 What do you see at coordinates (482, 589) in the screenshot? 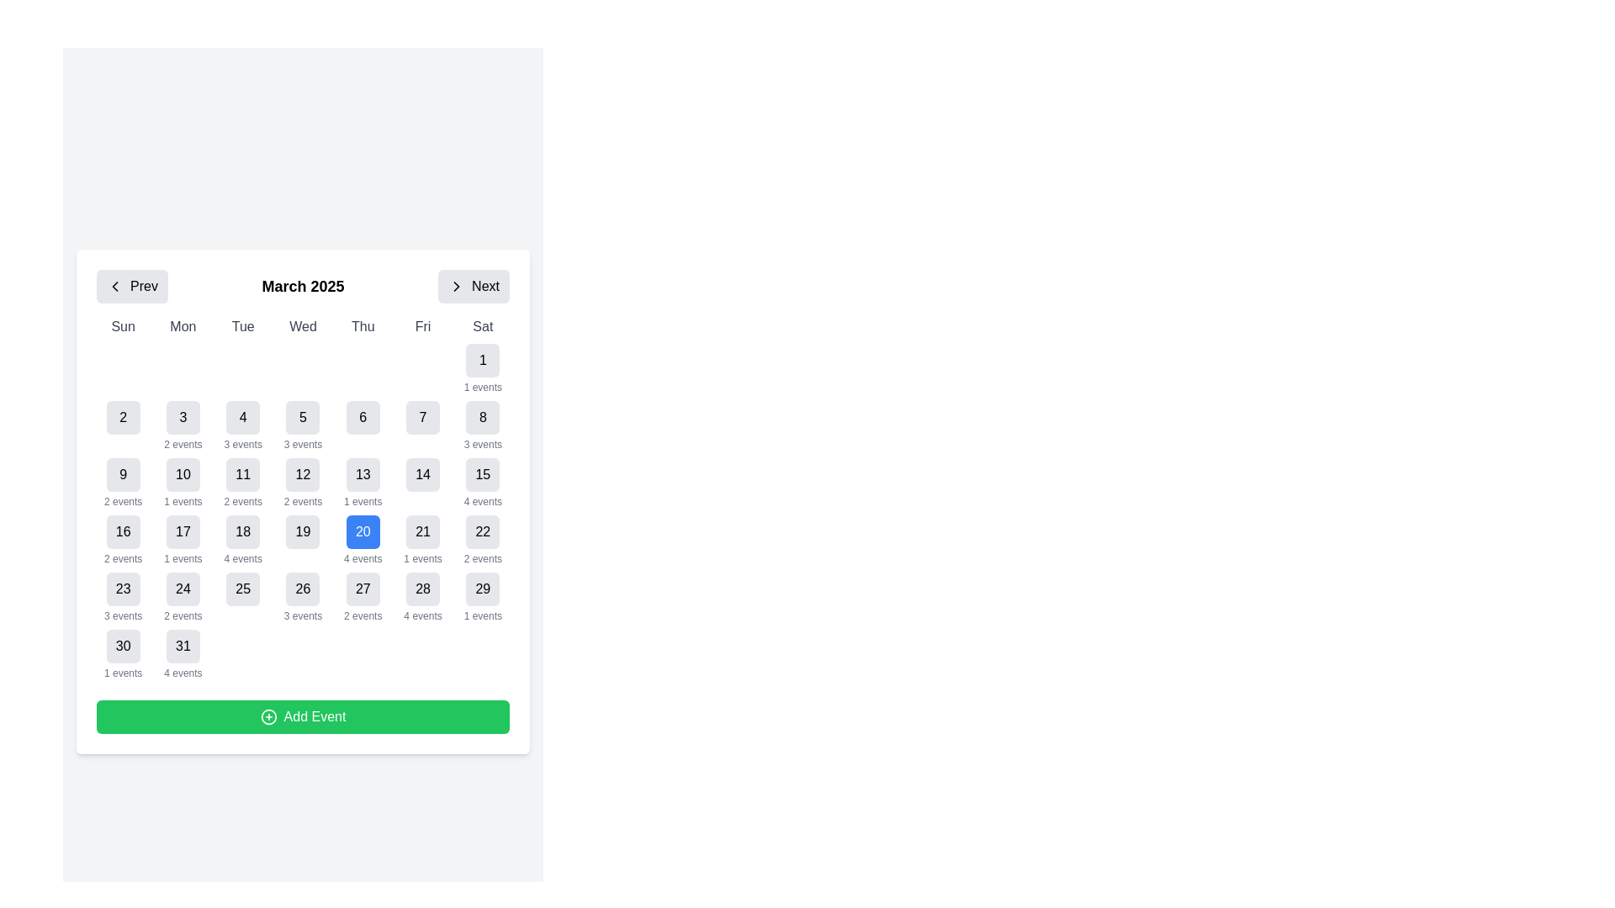
I see `the button displaying the number '29' in bold black text within a calendar grid layout` at bounding box center [482, 589].